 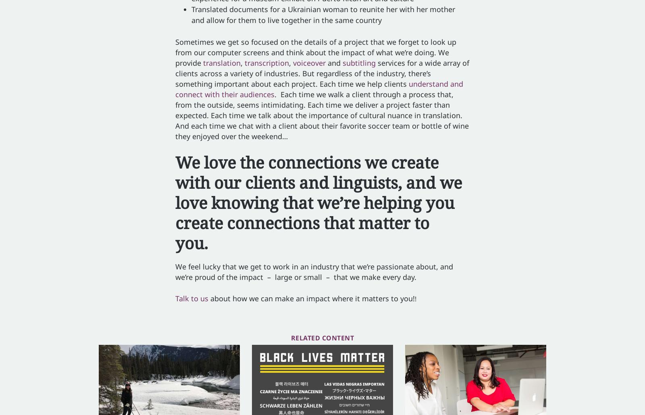 What do you see at coordinates (191, 15) in the screenshot?
I see `'Translated documents for a Ukrainian woman to reunite her with her mother and allow for them to live together in the same country'` at bounding box center [191, 15].